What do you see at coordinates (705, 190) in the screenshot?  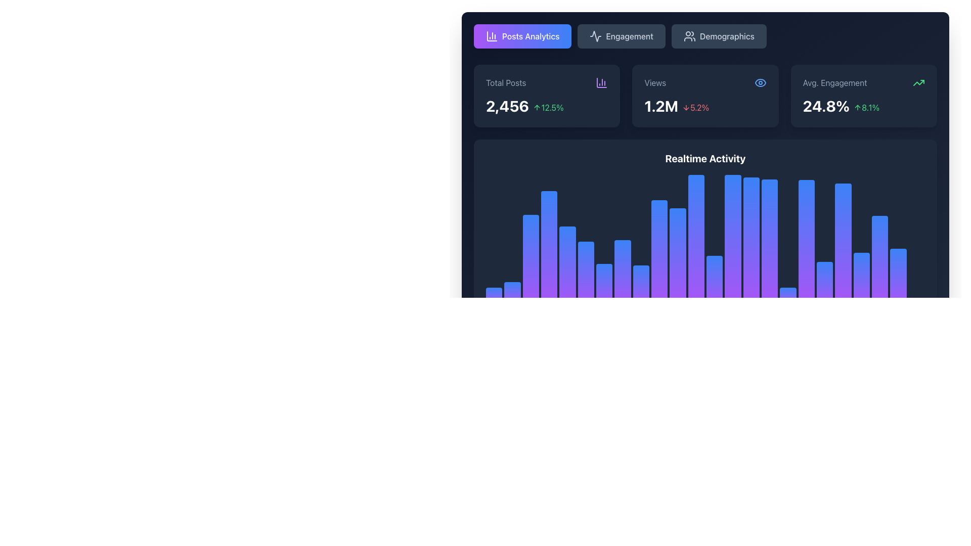 I see `the data point within the Data visualization block for detailed analytics, which is visually represented by a histogram labeled 'Realtime Activity'` at bounding box center [705, 190].